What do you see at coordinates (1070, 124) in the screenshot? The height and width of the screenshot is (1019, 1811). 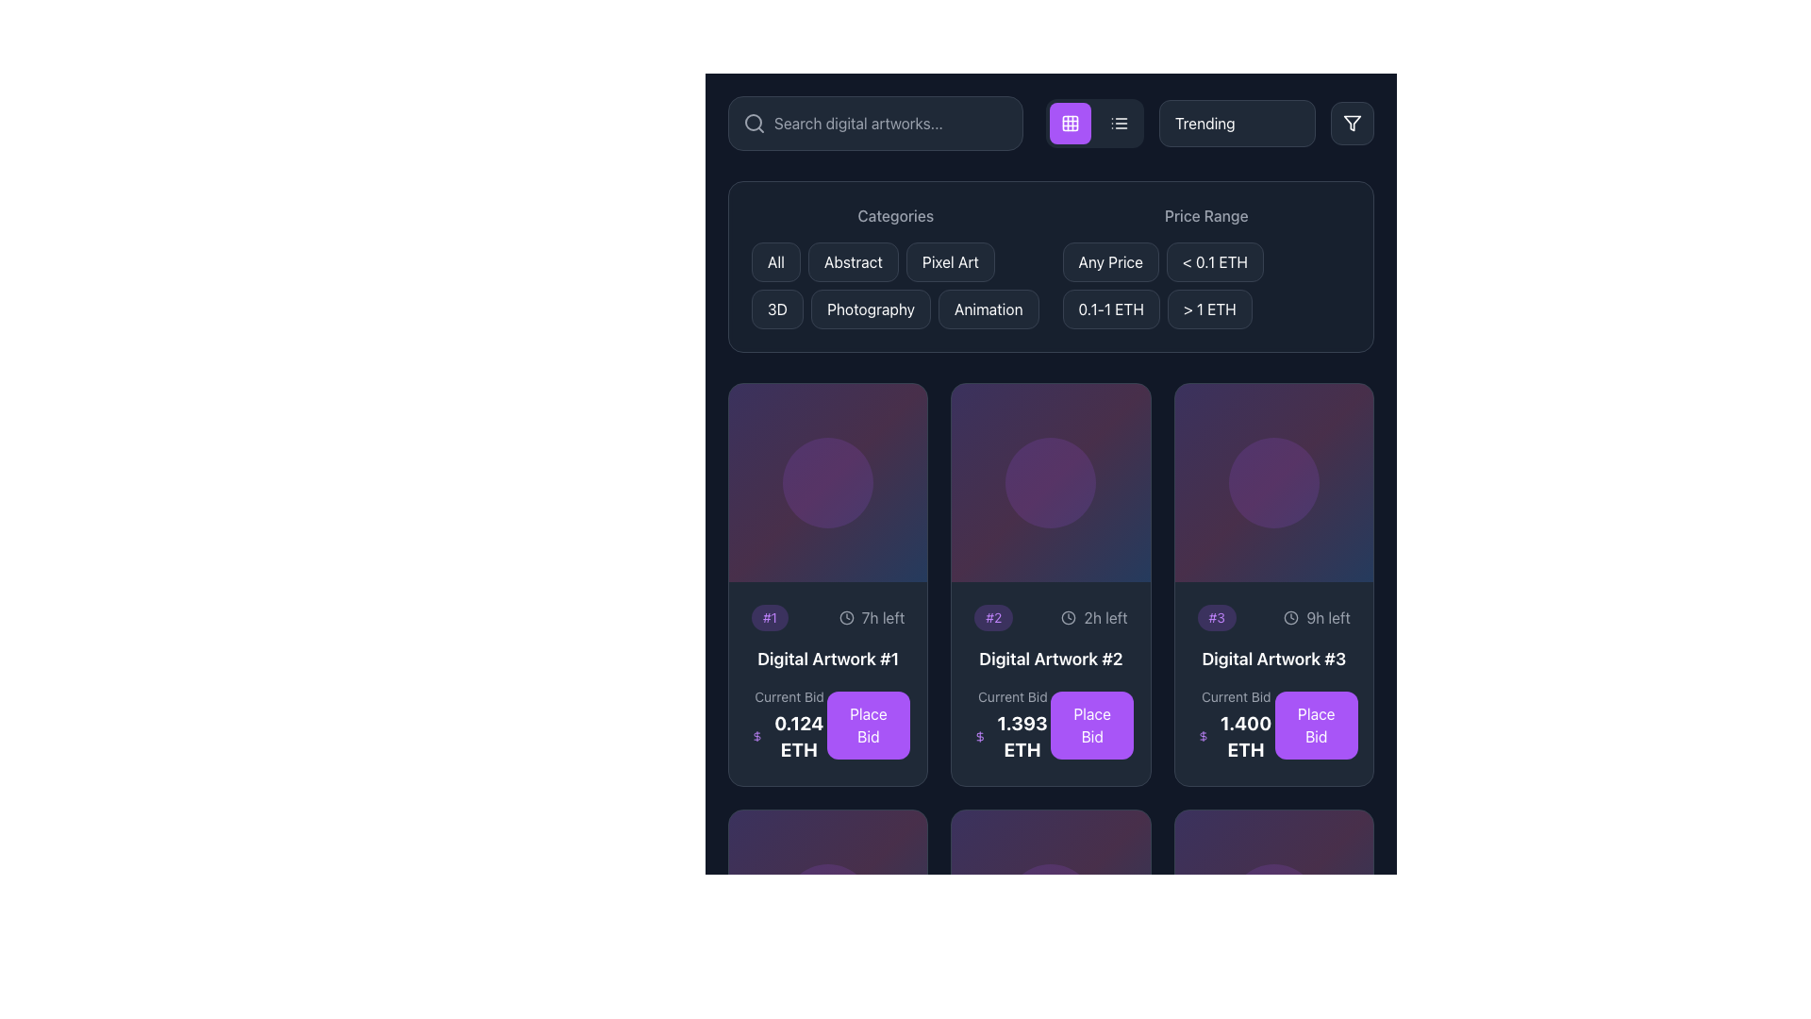 I see `the middle square of the 3x3 grid layout button, which is visually styled as a solid block with rounded corners, located at the top center of the interface` at bounding box center [1070, 124].